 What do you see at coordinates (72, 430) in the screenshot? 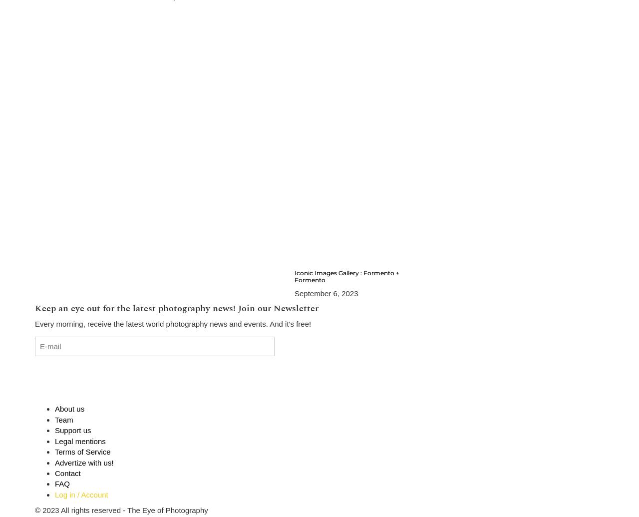
I see `'Support us'` at bounding box center [72, 430].